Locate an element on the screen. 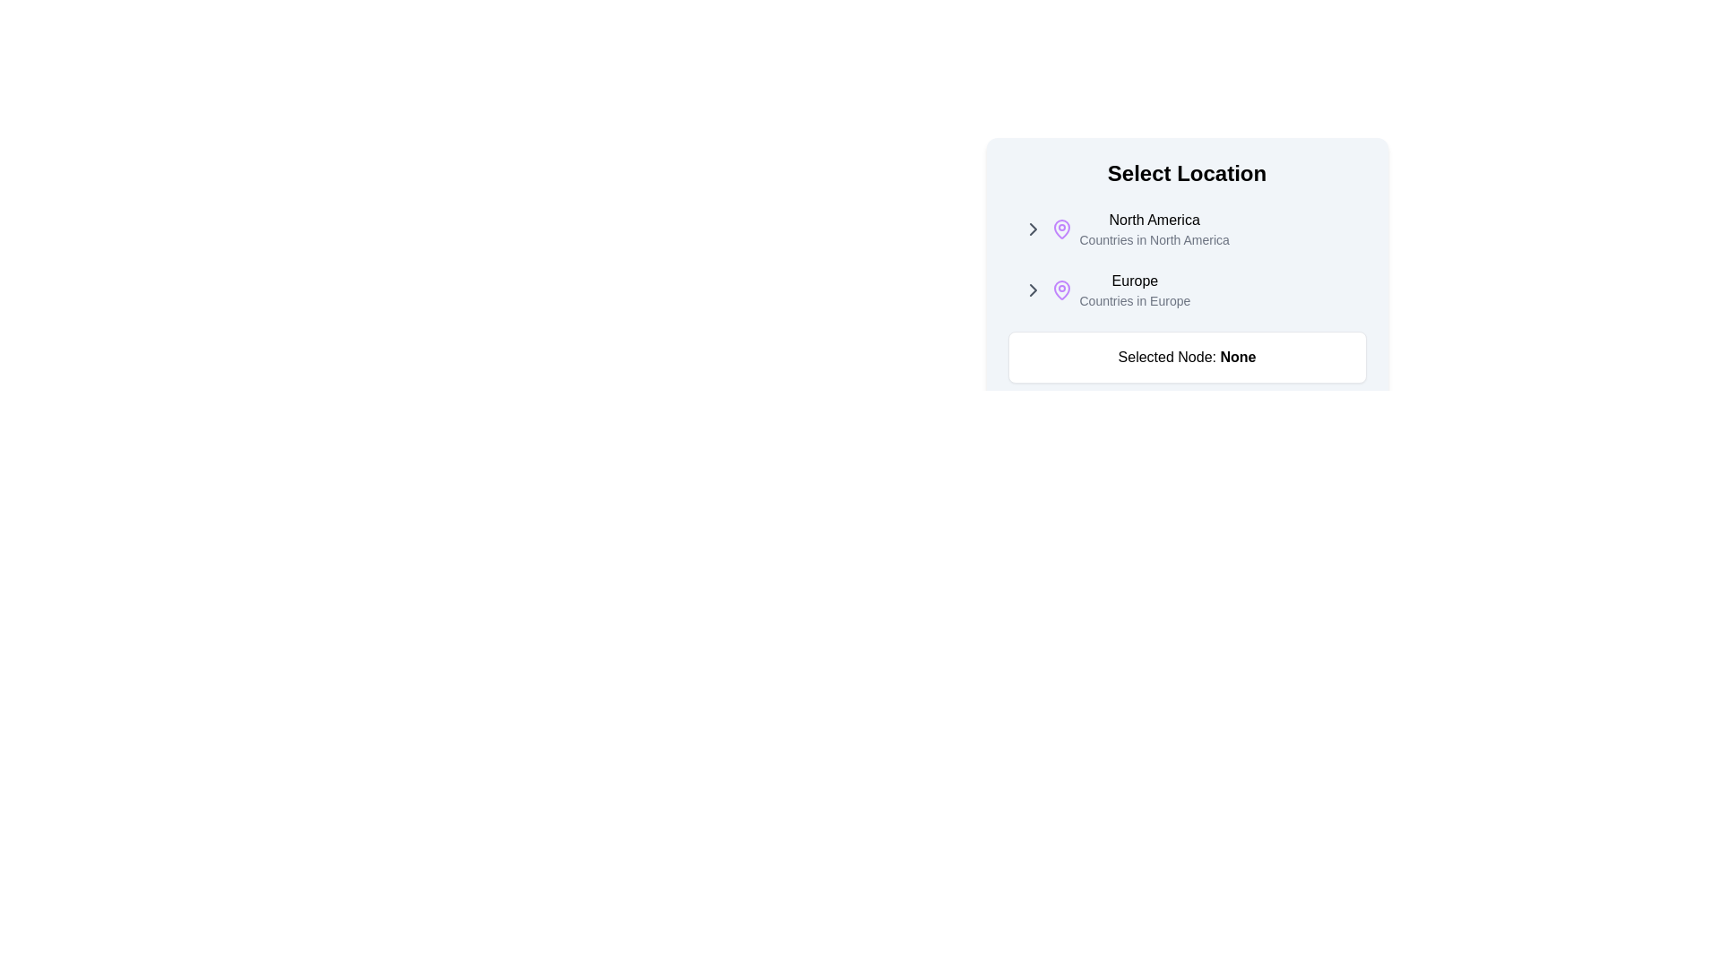  the header text label for the region 'North America' is located at coordinates (1154, 220).